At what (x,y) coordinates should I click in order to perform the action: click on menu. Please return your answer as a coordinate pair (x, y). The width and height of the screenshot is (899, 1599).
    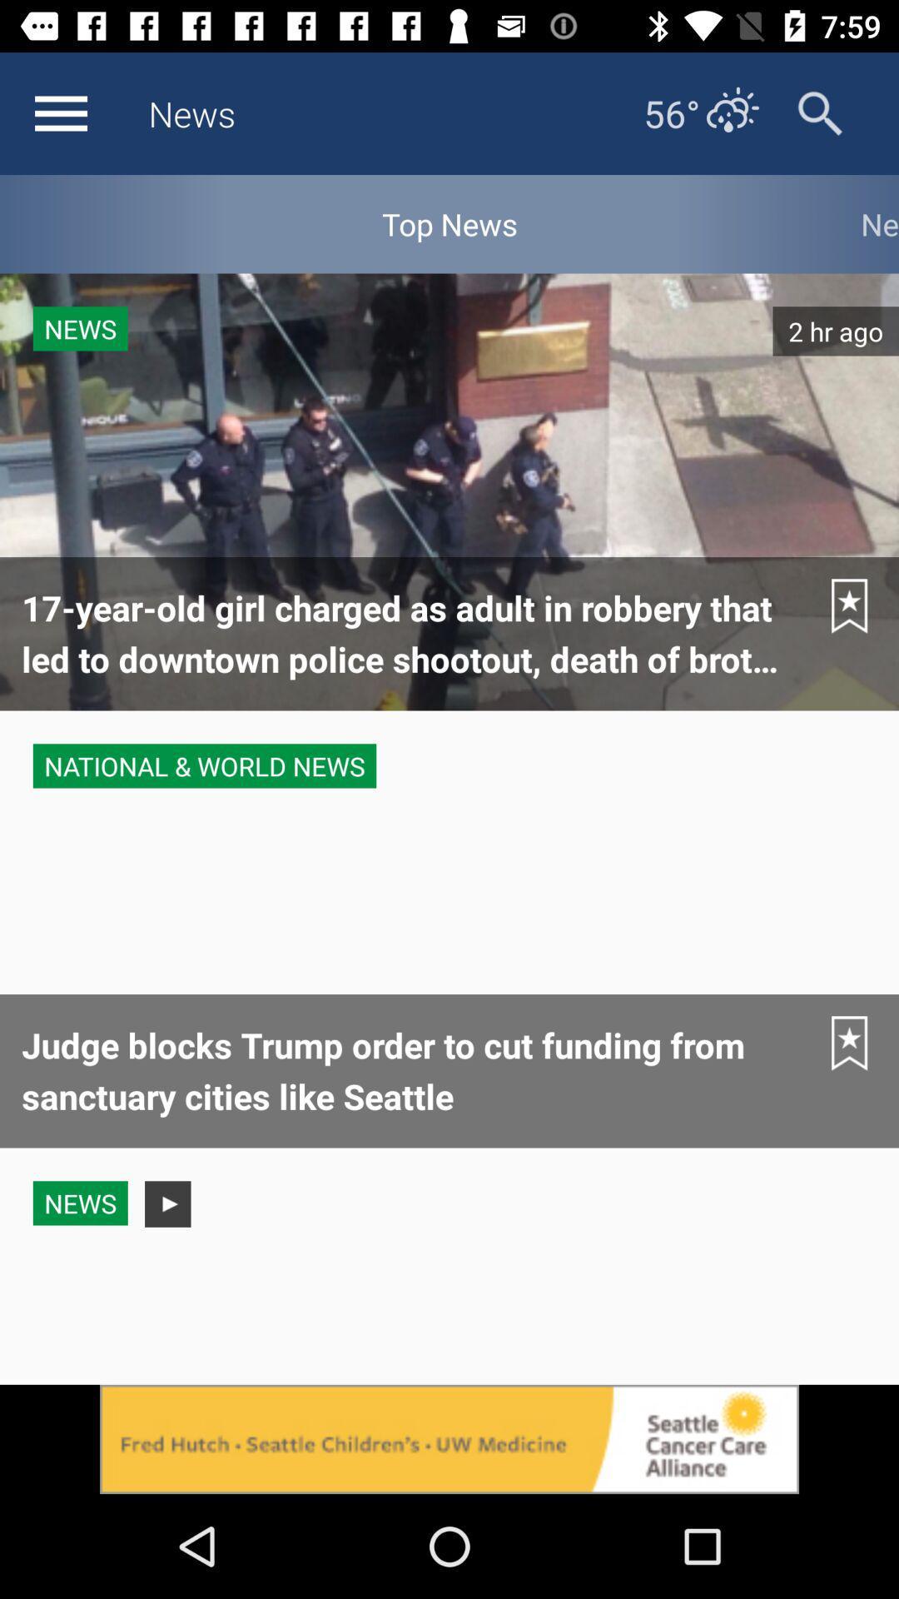
    Looking at the image, I should click on (60, 112).